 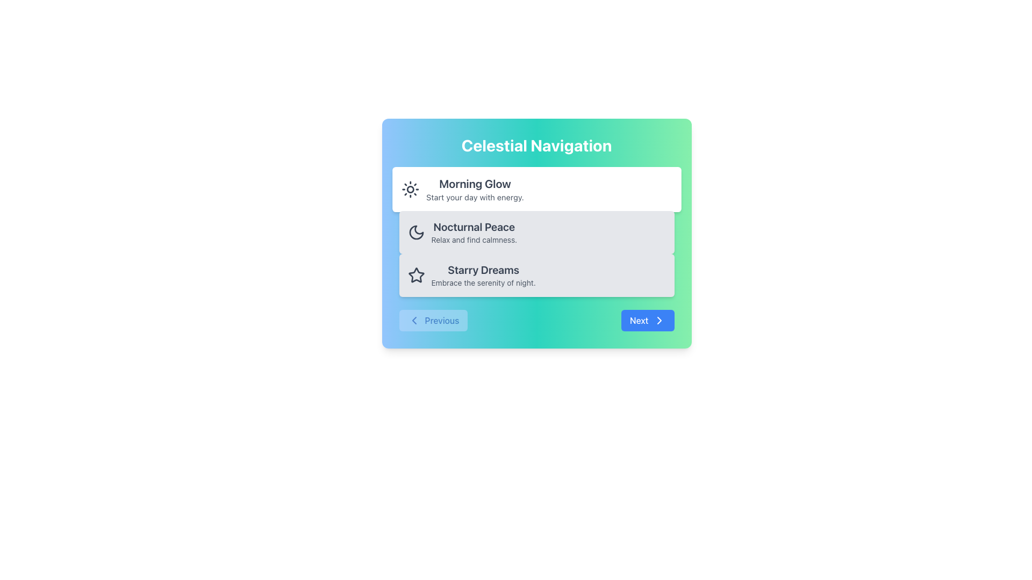 I want to click on the right-pointing chevron arrow icon located to the right side of the 'Next' button in the bottom-right corner of the card, so click(x=658, y=320).